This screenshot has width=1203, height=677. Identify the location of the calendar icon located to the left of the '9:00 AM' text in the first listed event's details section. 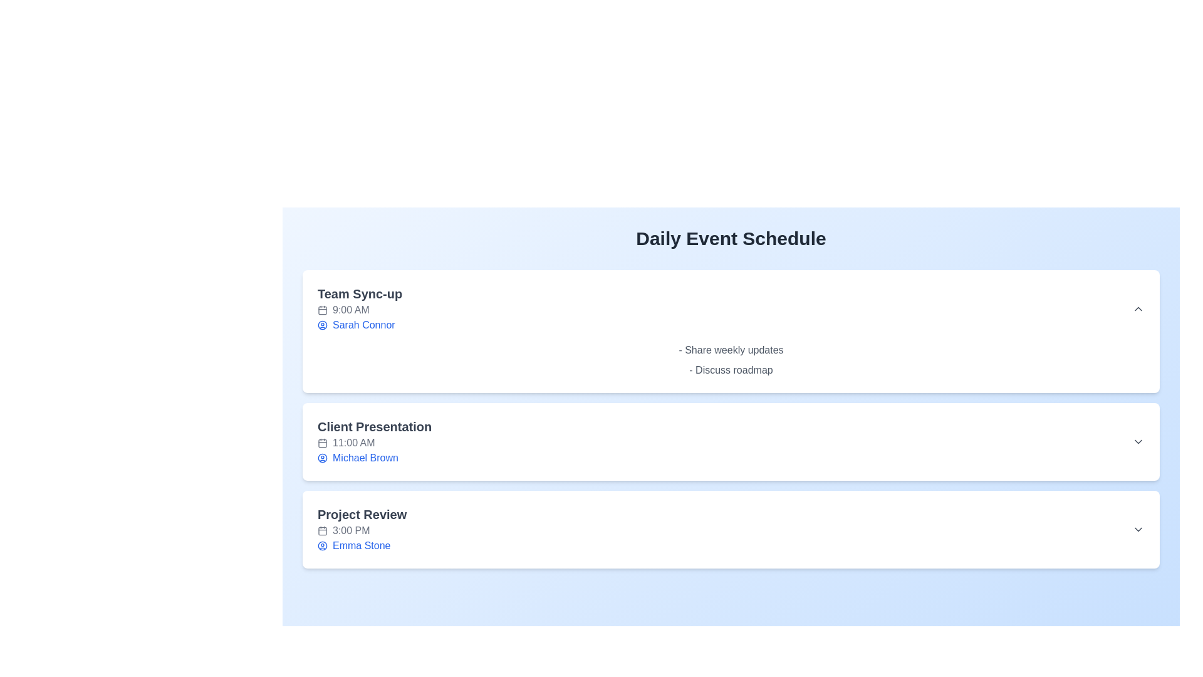
(322, 310).